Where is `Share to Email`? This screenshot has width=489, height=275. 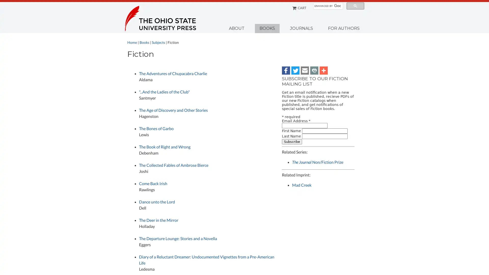 Share to Email is located at coordinates (305, 70).